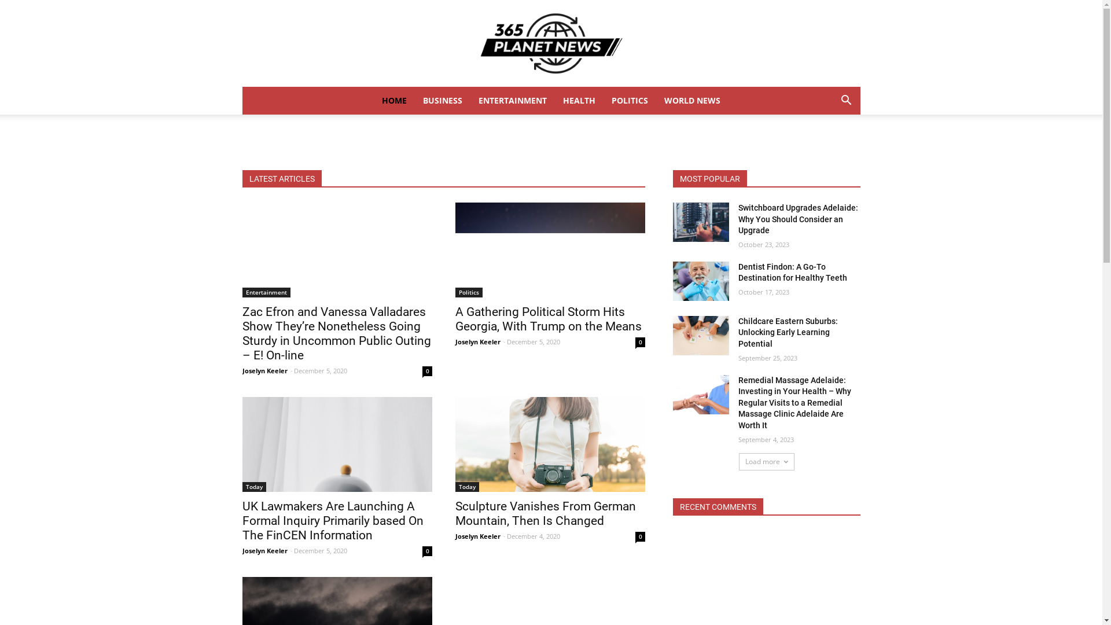 The height and width of the screenshot is (625, 1111). Describe the element at coordinates (692, 100) in the screenshot. I see `'WORLD NEWS'` at that location.